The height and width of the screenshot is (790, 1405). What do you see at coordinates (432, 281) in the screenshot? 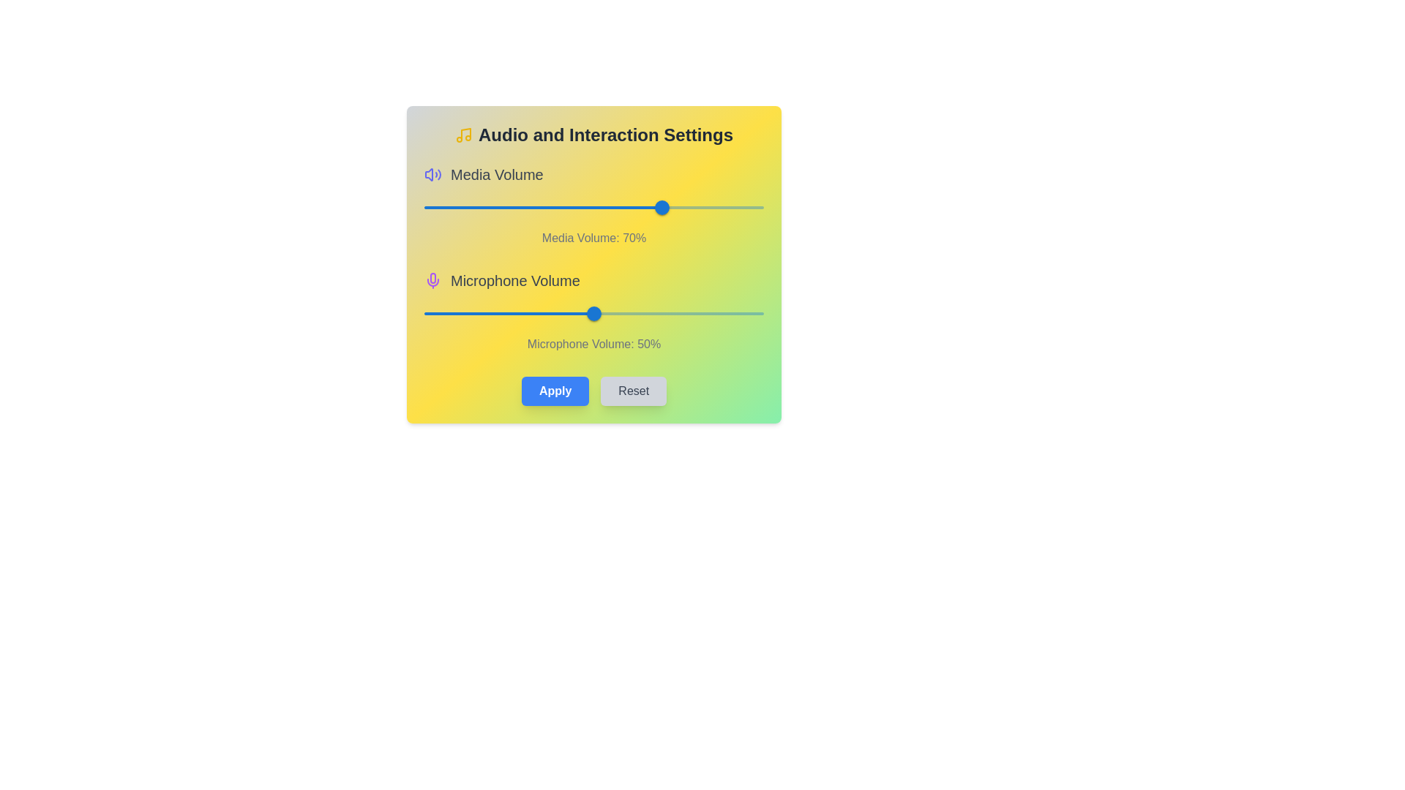
I see `the purple microphone icon located next to the 'Microphone Volume' label in the audio settings section` at bounding box center [432, 281].